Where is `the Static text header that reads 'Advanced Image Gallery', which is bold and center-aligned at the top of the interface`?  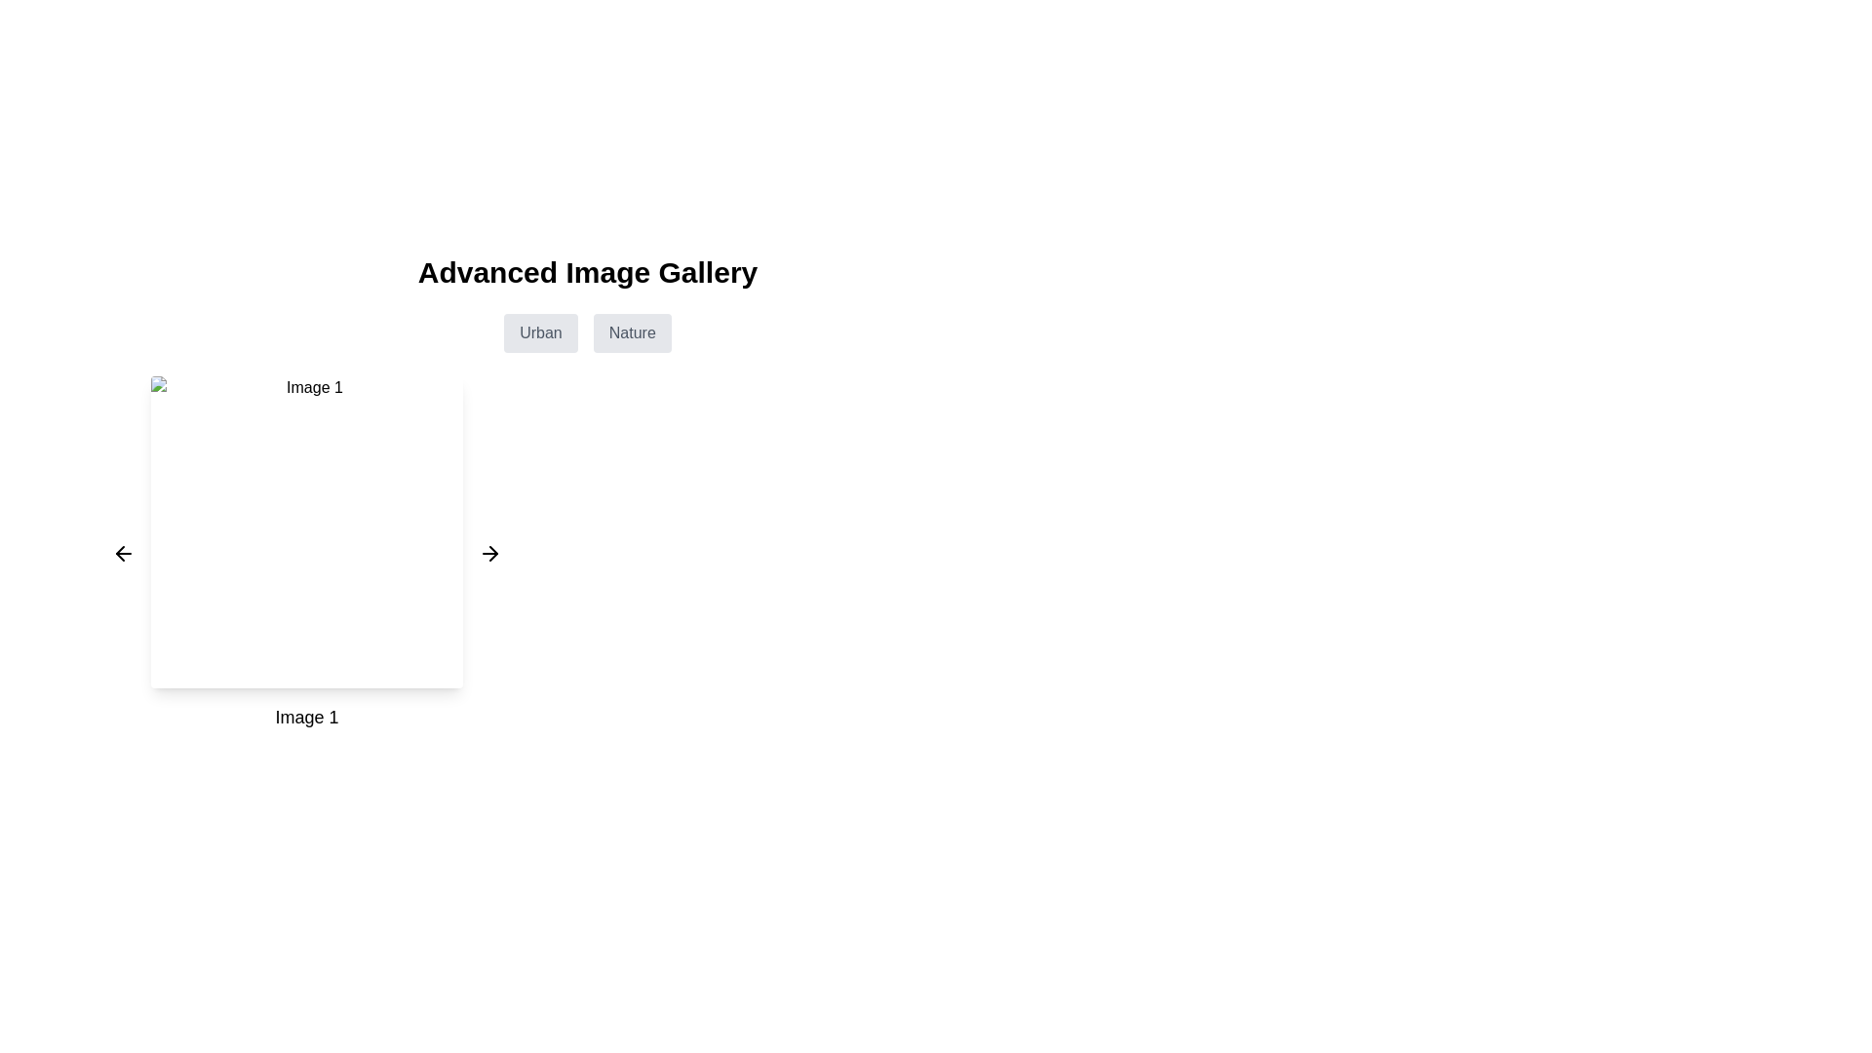 the Static text header that reads 'Advanced Image Gallery', which is bold and center-aligned at the top of the interface is located at coordinates (587, 273).